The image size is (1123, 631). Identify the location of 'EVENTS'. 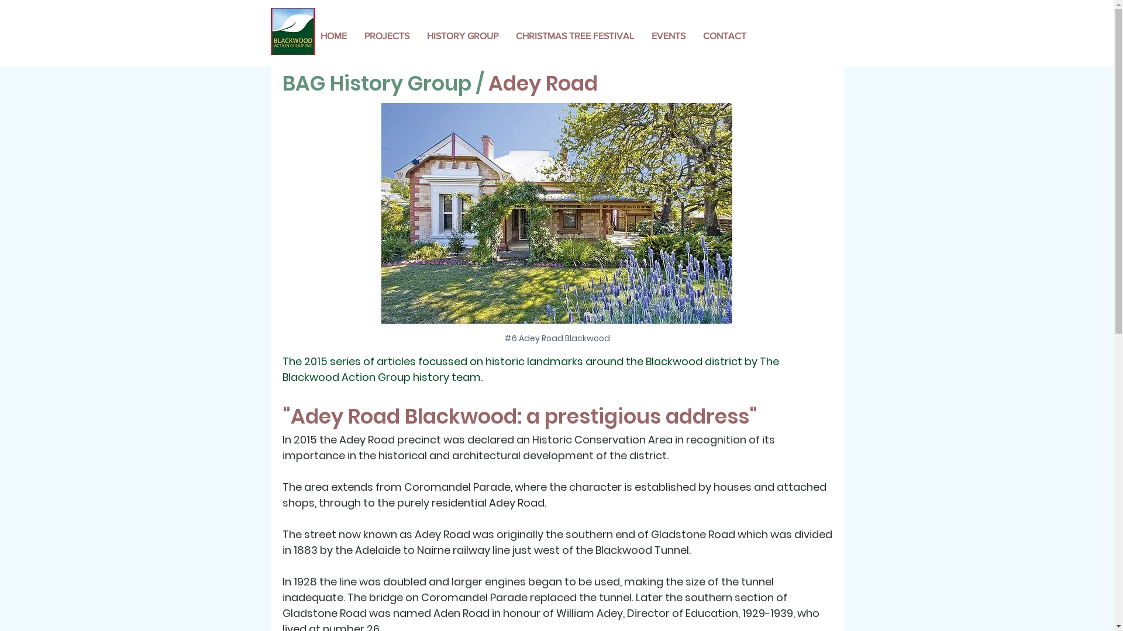
(642, 35).